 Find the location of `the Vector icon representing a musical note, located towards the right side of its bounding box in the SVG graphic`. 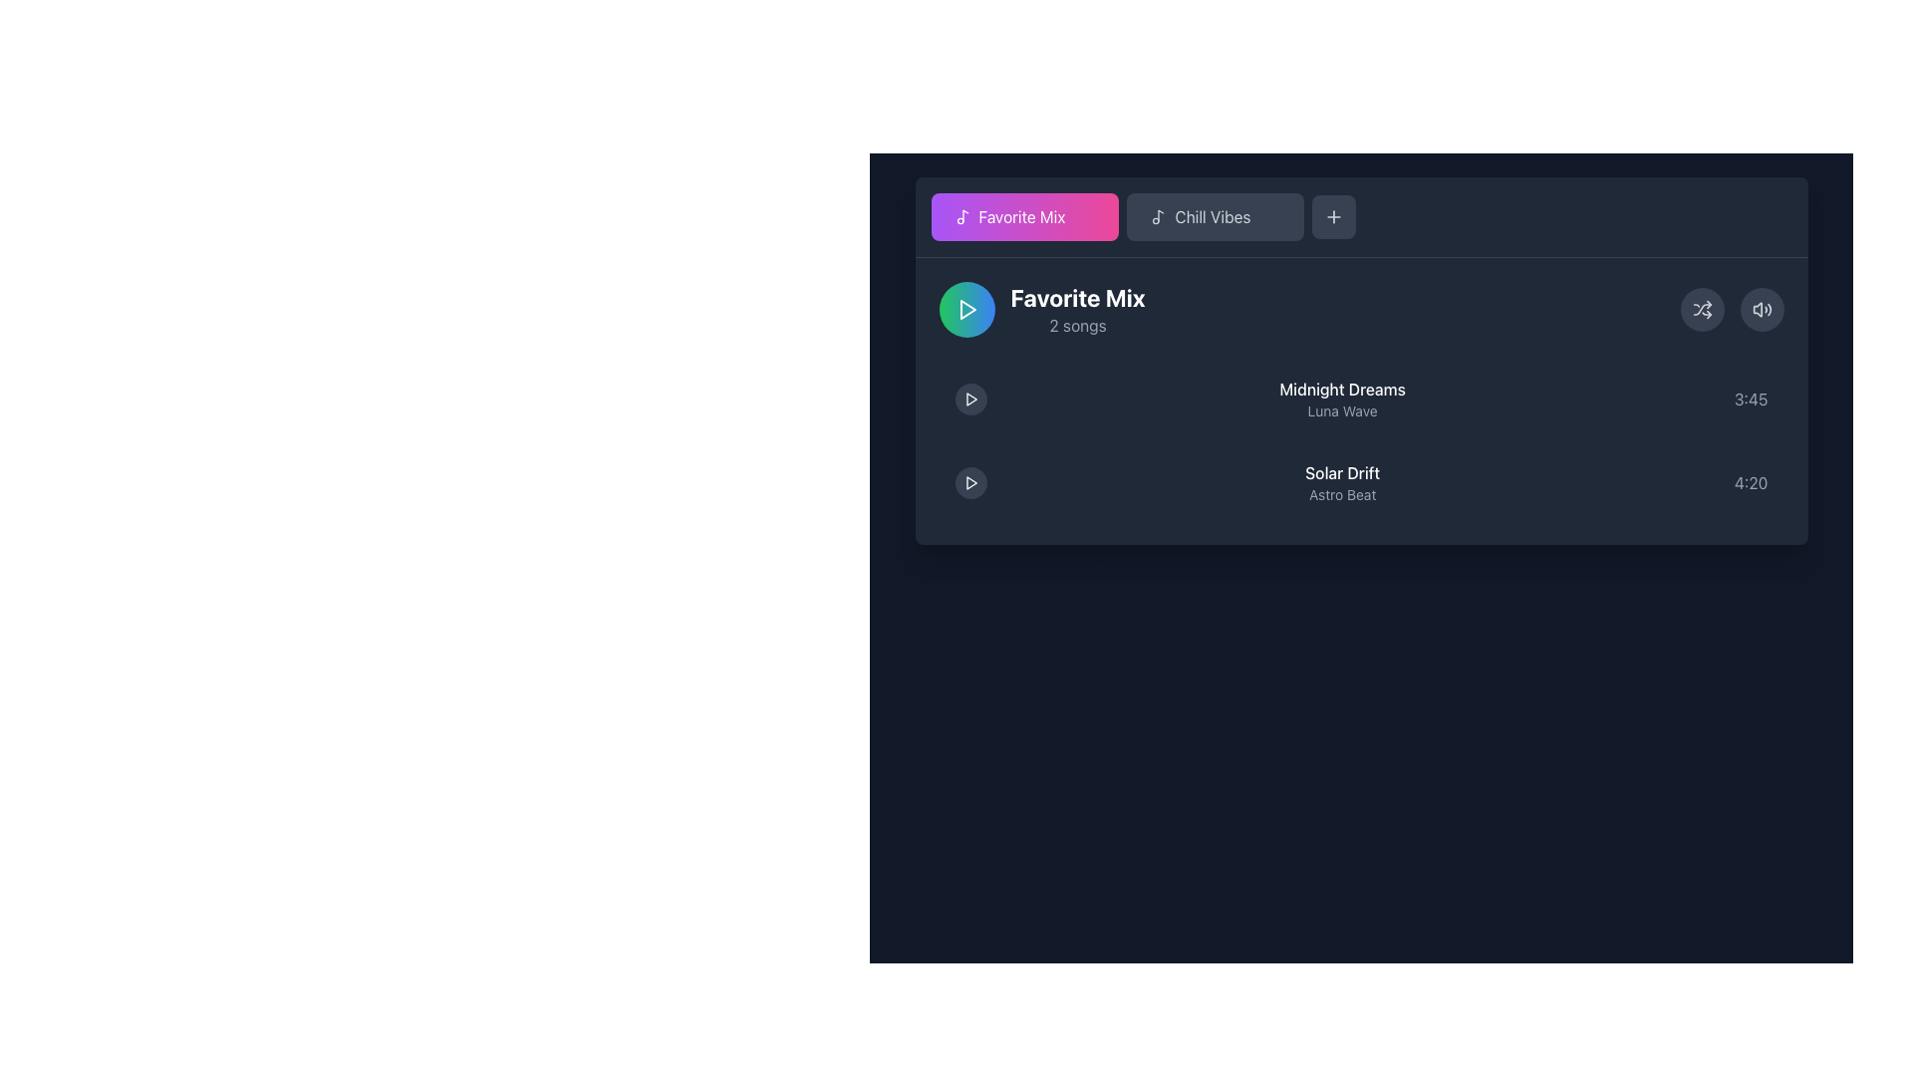

the Vector icon representing a musical note, located towards the right side of its bounding box in the SVG graphic is located at coordinates (964, 215).